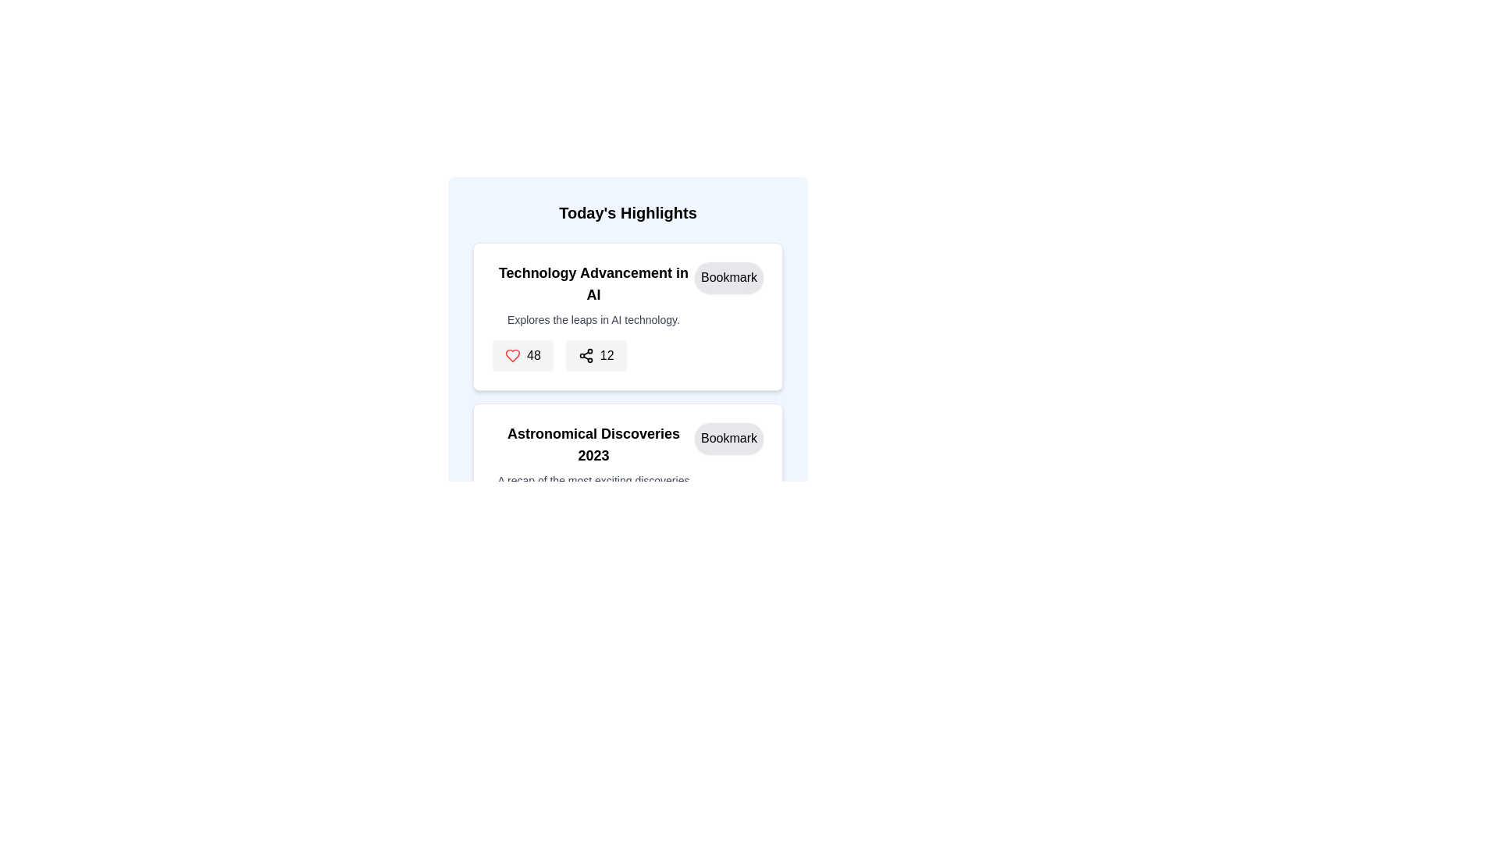  I want to click on the Interactive button featuring a red heart icon and the text '48' to increase or decrease the count, so click(522, 355).